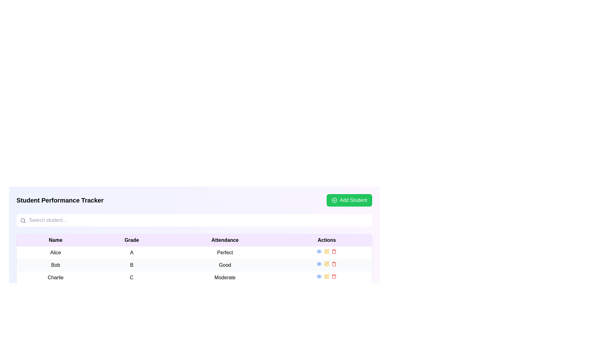 Image resolution: width=599 pixels, height=337 pixels. Describe the element at coordinates (225, 253) in the screenshot. I see `the non-interactive Text label indicating the attendance status of the student named Alice in the 'Student Performance Tracker' interface, located in the third column of the first row` at that location.